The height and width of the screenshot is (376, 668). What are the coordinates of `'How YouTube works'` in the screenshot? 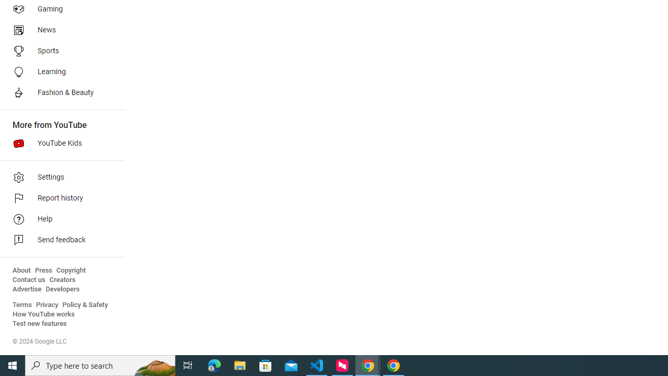 It's located at (43, 314).